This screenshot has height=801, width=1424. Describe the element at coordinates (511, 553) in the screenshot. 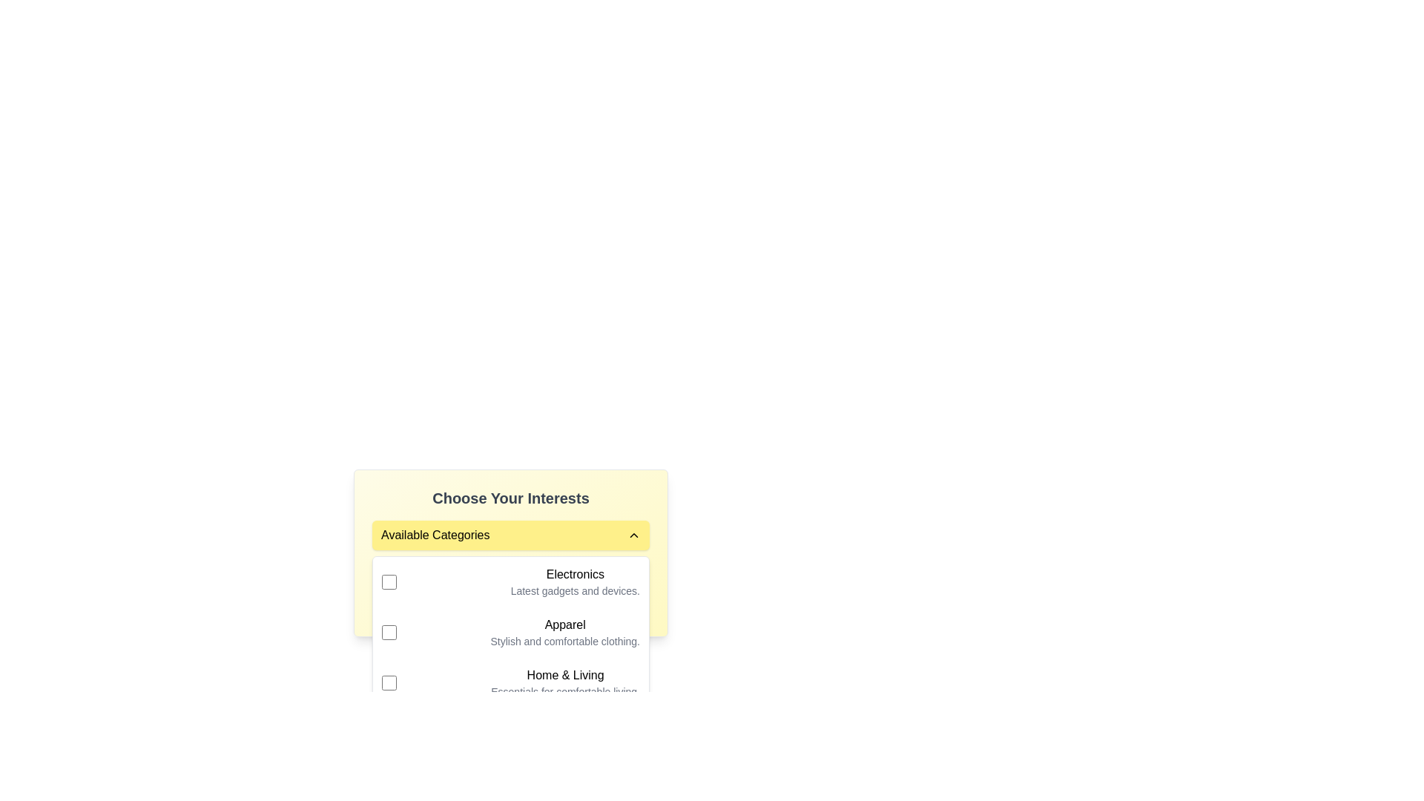

I see `the dropdown menu located below the header 'Choose Your Interests'` at that location.